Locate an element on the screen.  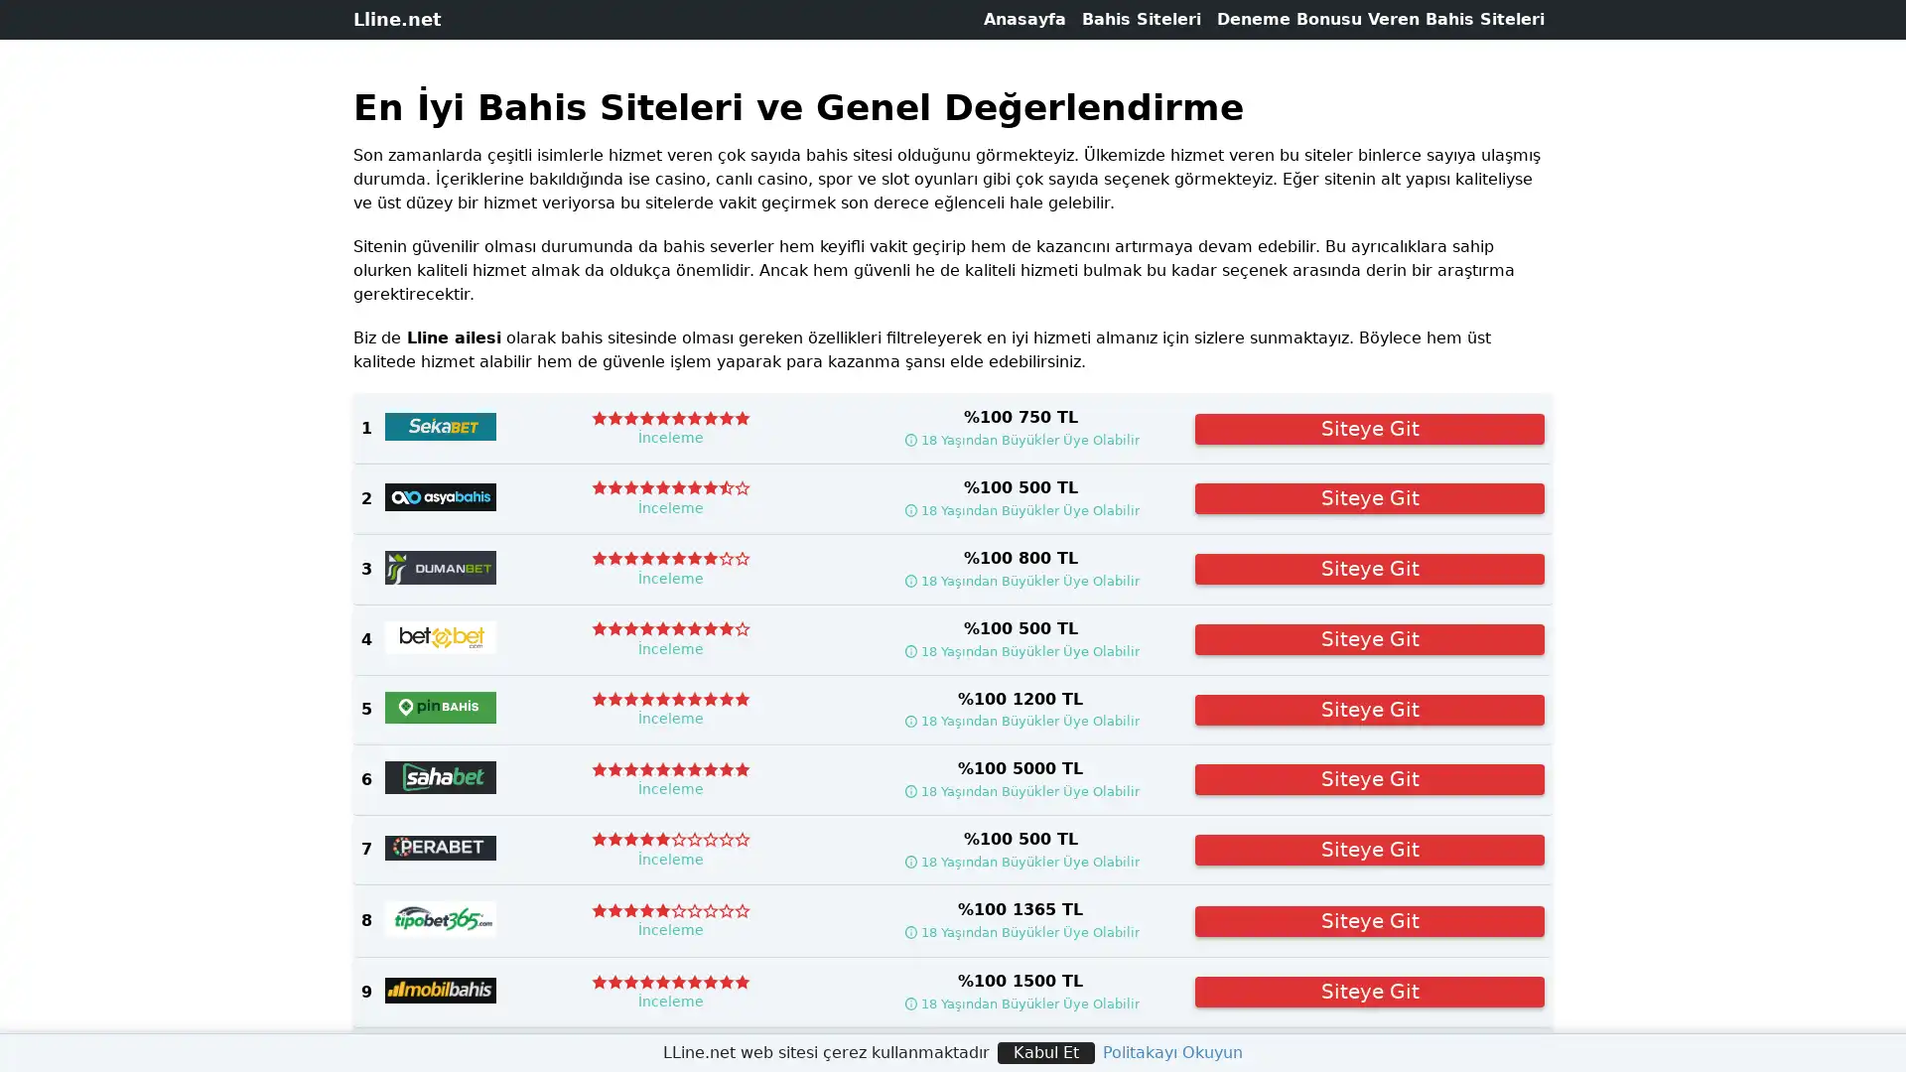
Load terms and conditions is located at coordinates (1020, 580).